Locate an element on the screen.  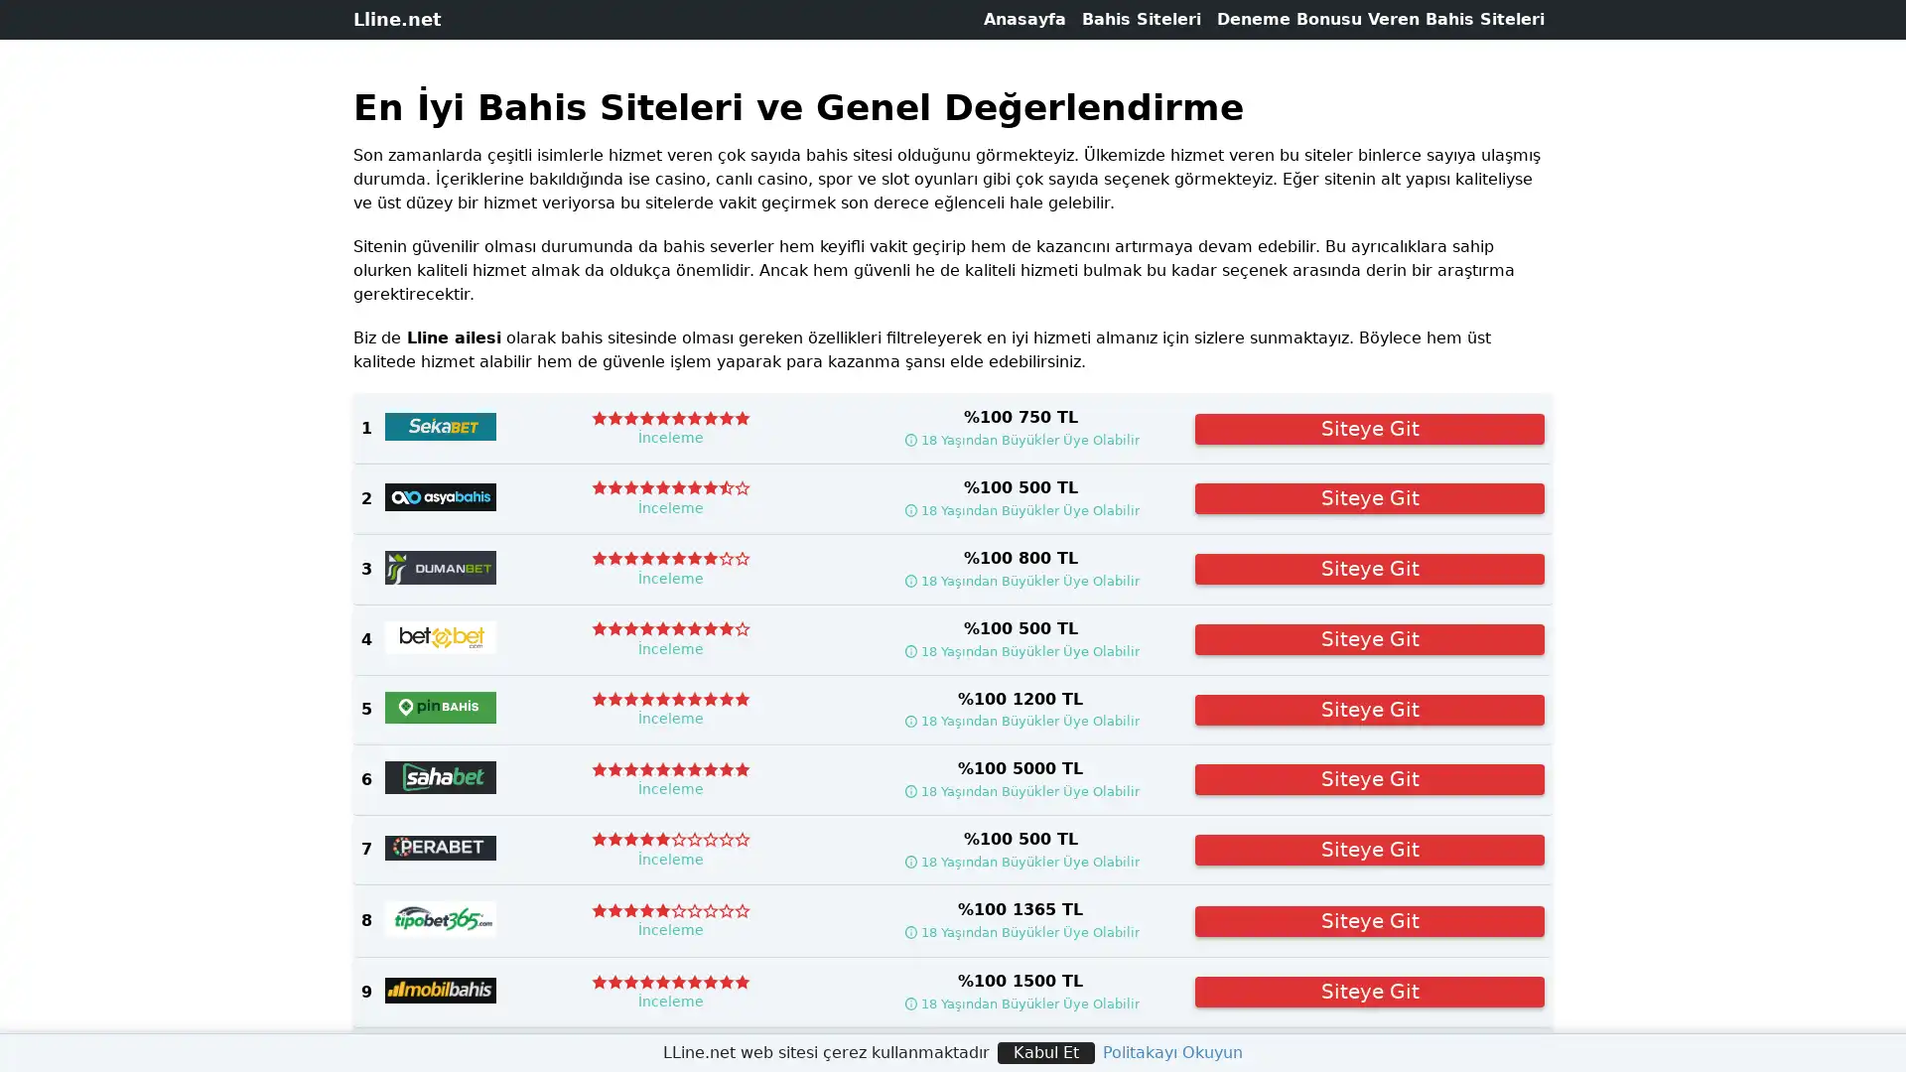
Load terms and conditions is located at coordinates (1020, 580).